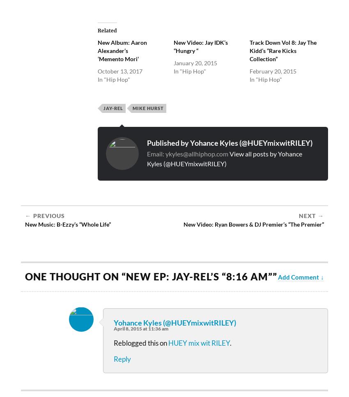 The width and height of the screenshot is (349, 397). What do you see at coordinates (140, 328) in the screenshot?
I see `'April 8, 2015 at 11:36 am'` at bounding box center [140, 328].